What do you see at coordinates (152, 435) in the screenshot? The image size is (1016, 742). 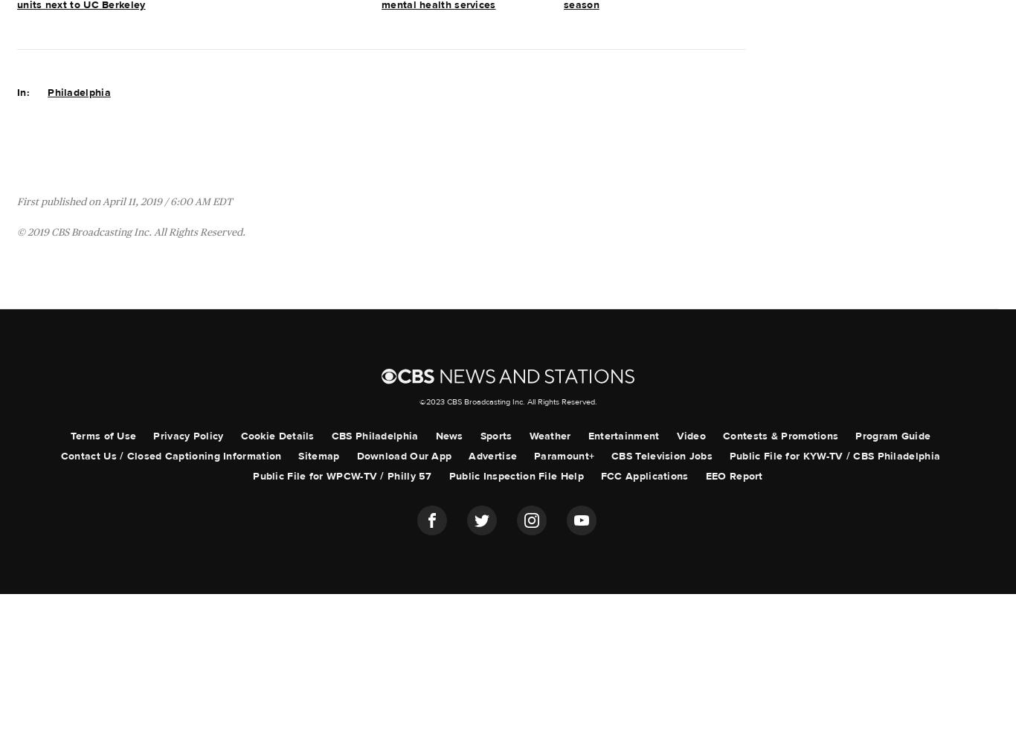 I see `'Privacy Policy'` at bounding box center [152, 435].